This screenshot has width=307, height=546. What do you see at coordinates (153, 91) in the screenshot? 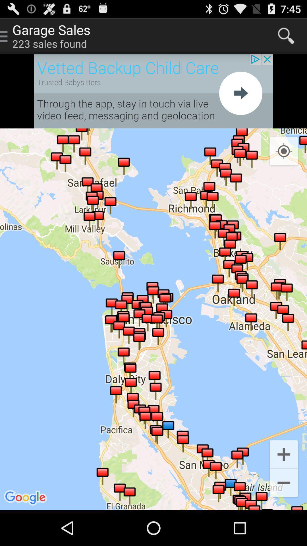
I see `open browser` at bounding box center [153, 91].